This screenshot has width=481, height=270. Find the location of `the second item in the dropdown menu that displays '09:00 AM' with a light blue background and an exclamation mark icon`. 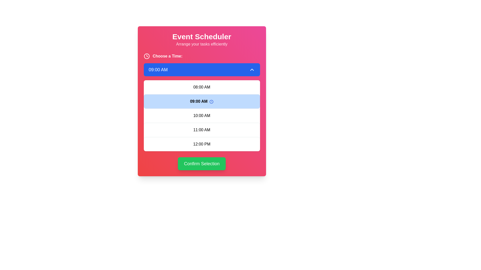

the second item in the dropdown menu that displays '09:00 AM' with a light blue background and an exclamation mark icon is located at coordinates (202, 101).